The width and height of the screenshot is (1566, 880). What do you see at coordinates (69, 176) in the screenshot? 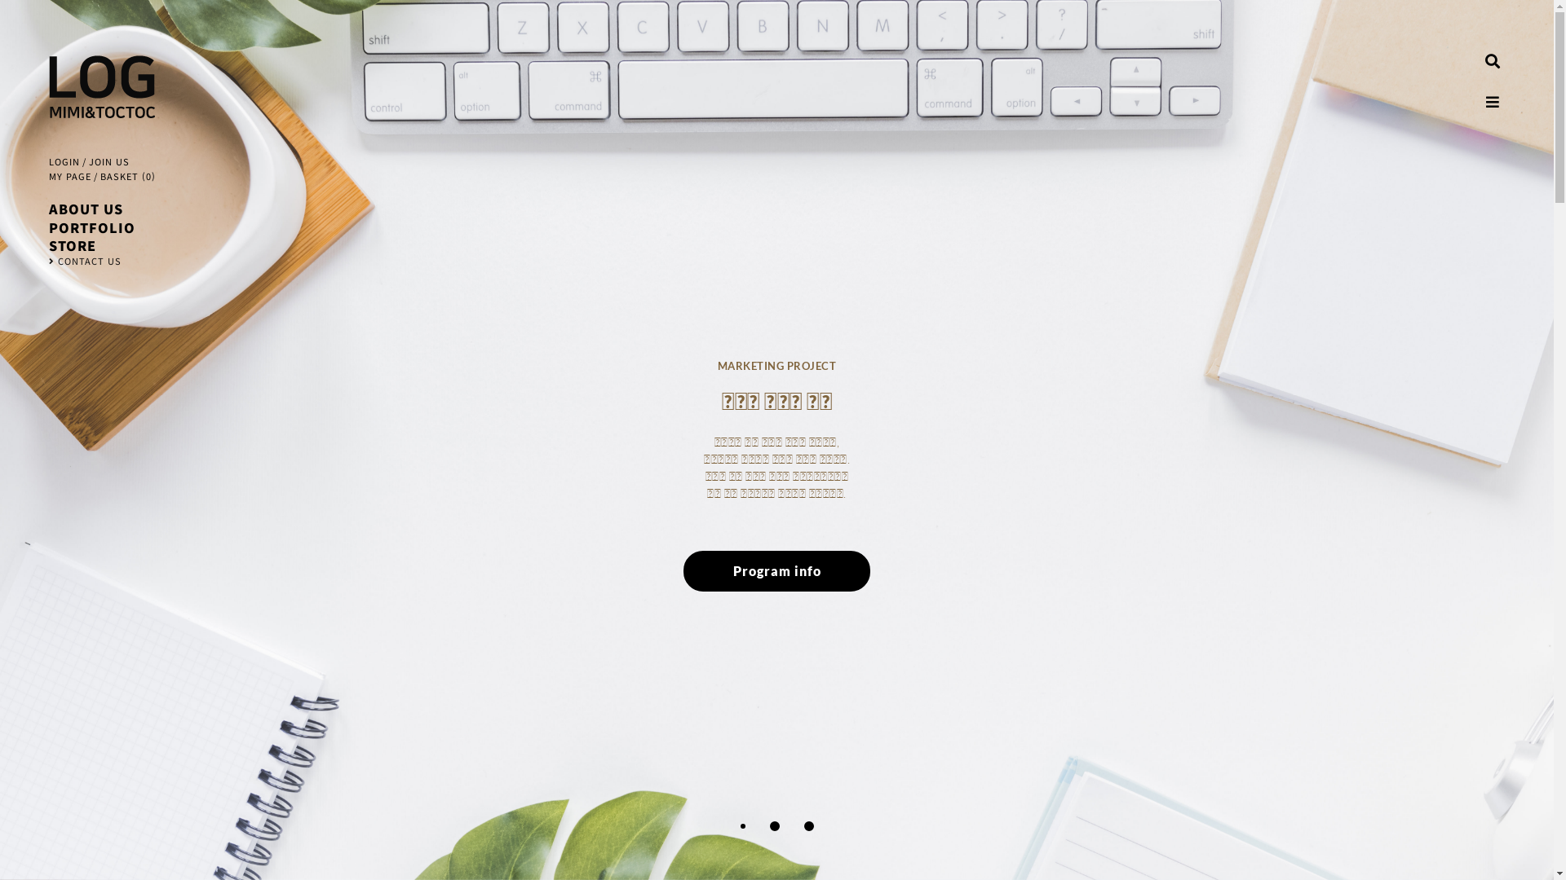
I see `'MY PAGE'` at bounding box center [69, 176].